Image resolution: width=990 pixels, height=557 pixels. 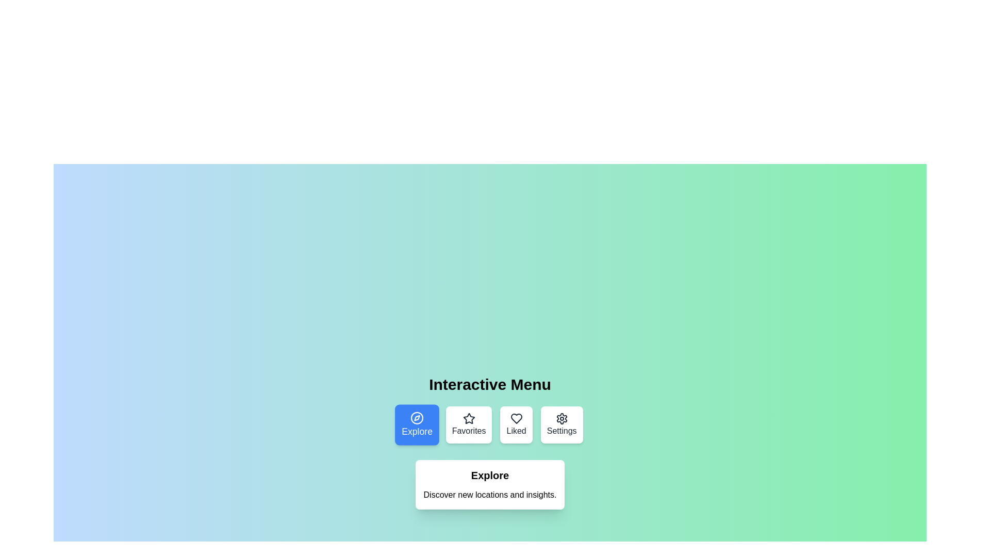 I want to click on the menu option Favorites, so click(x=468, y=425).